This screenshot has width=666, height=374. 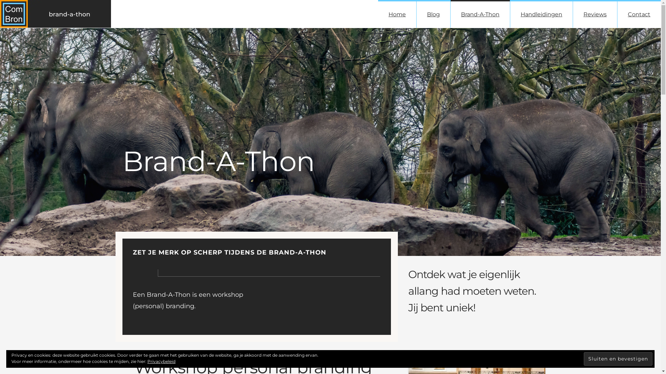 What do you see at coordinates (442, 308) in the screenshot?
I see `'STUUR EEN E-MAIL'` at bounding box center [442, 308].